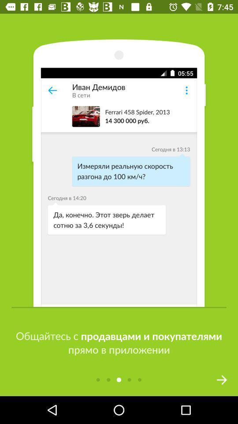  Describe the element at coordinates (221, 379) in the screenshot. I see `the arrow_forward icon` at that location.